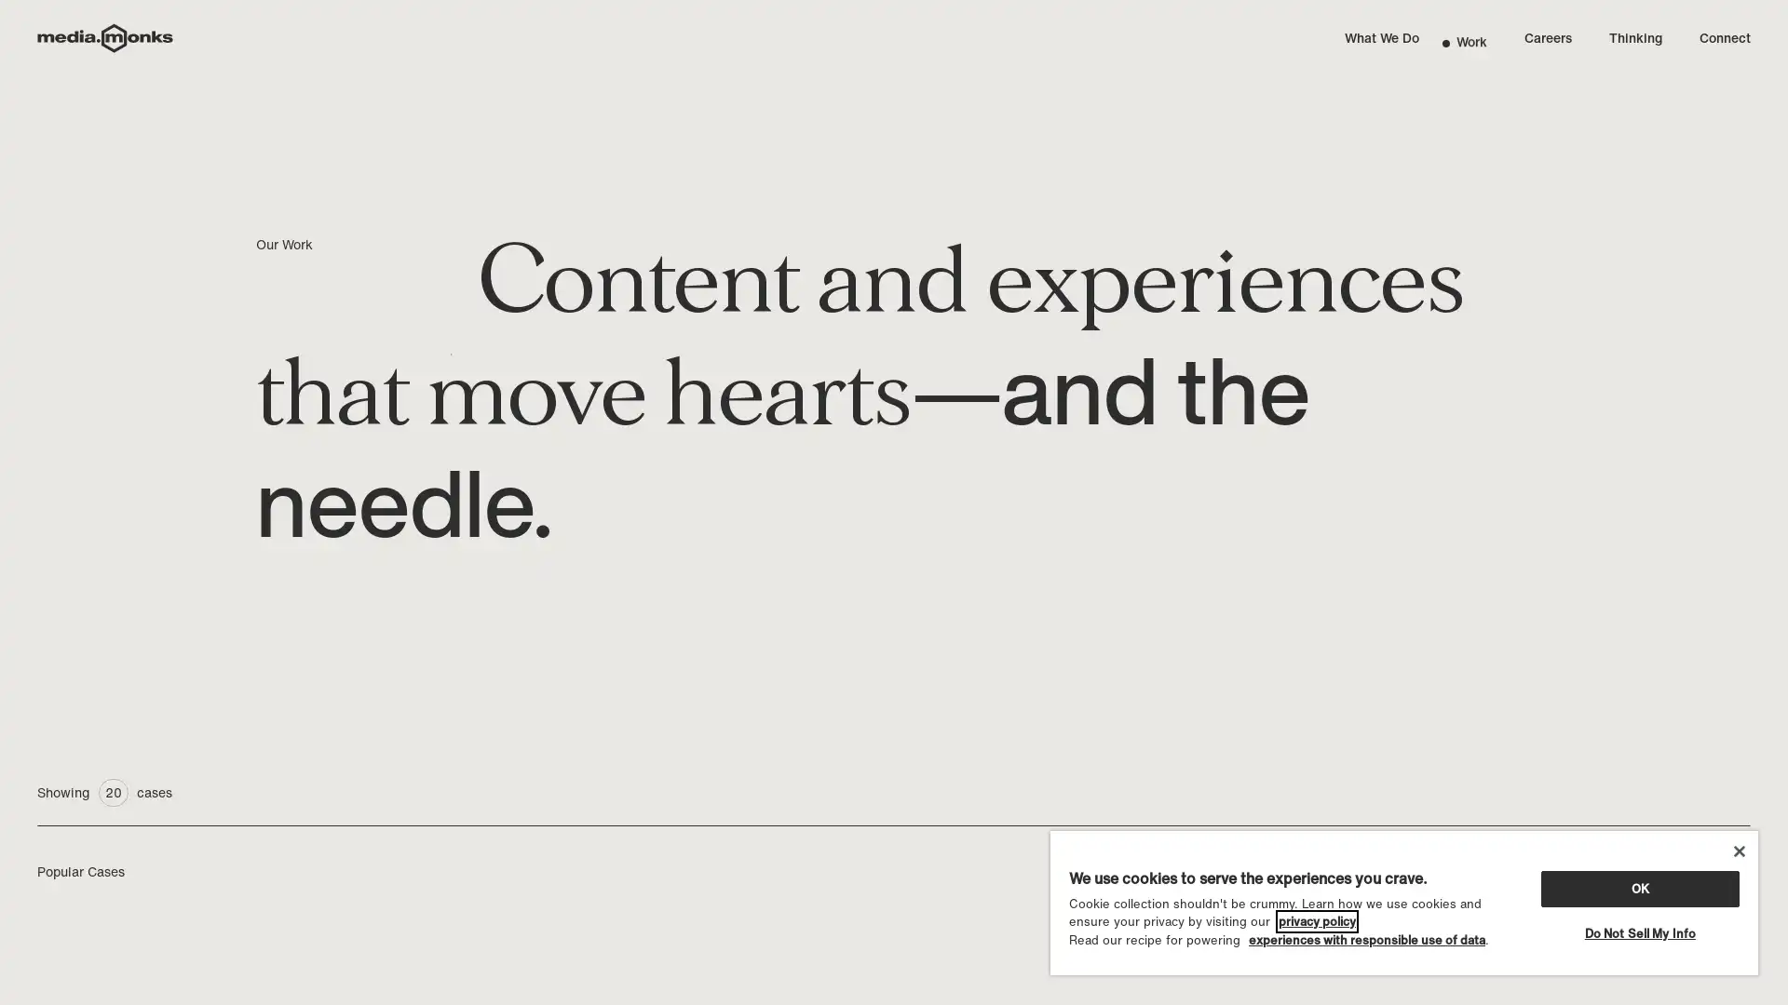 This screenshot has height=1005, width=1788. Describe the element at coordinates (1639, 887) in the screenshot. I see `OK` at that location.